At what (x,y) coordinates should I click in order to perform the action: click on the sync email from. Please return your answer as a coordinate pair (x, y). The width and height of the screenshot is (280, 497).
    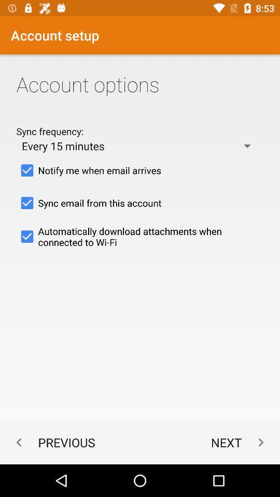
    Looking at the image, I should click on (140, 202).